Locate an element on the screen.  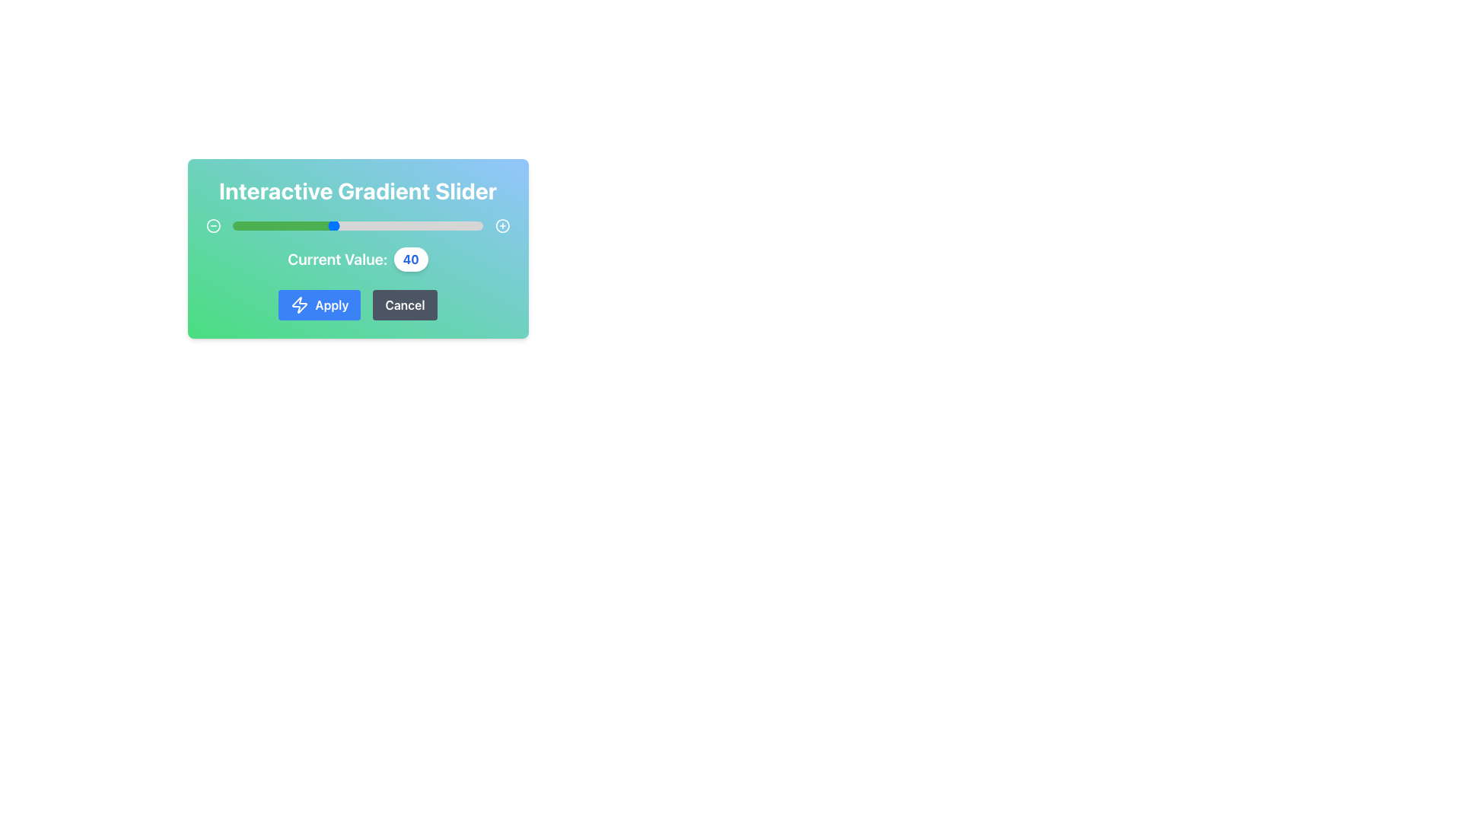
the slider is located at coordinates (407, 226).